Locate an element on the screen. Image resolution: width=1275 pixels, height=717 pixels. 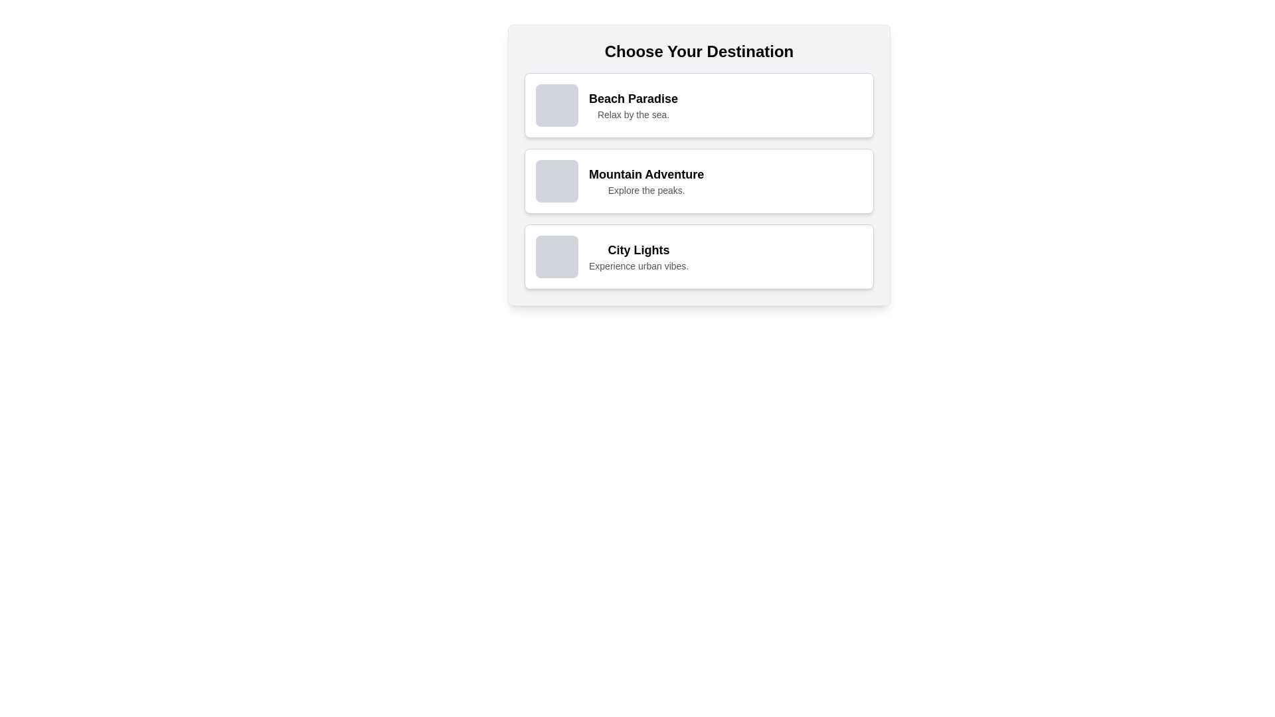
the text segment that reads 'Explore the peaks.' which is styled in a smaller gray font and positioned beneath 'Mountain Adventure' within the selection card is located at coordinates (646, 190).